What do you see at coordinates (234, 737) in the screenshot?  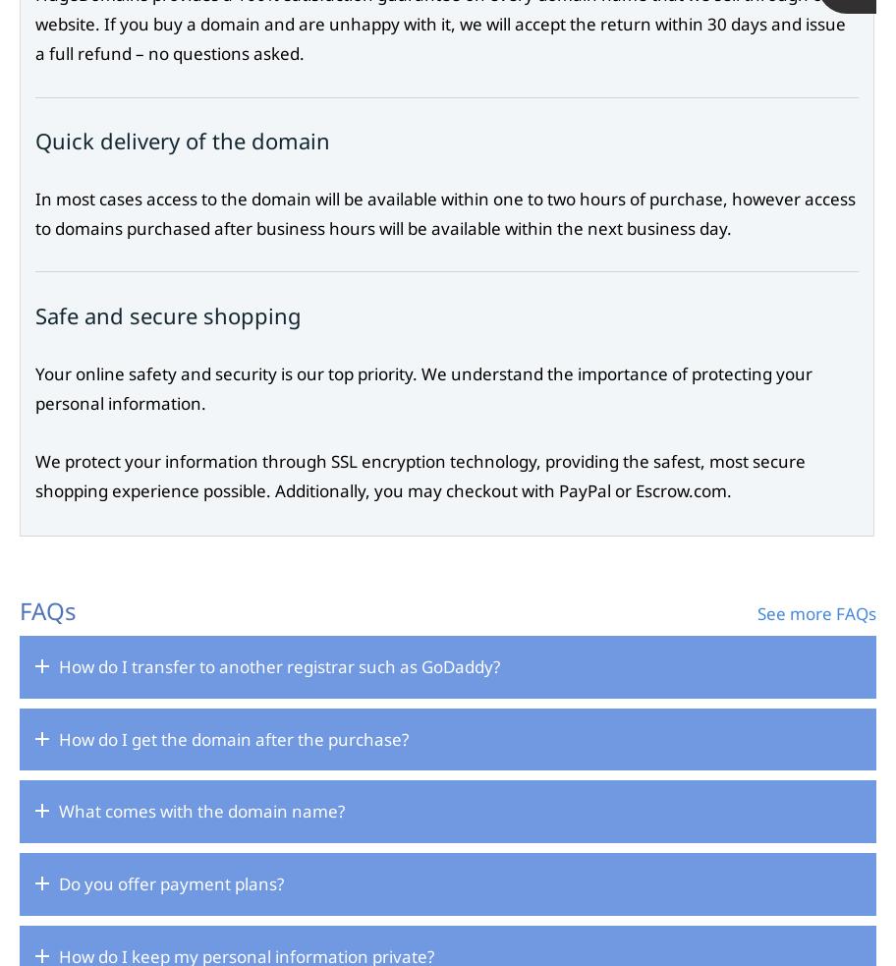 I see `'How do I get the domain after the purchase?'` at bounding box center [234, 737].